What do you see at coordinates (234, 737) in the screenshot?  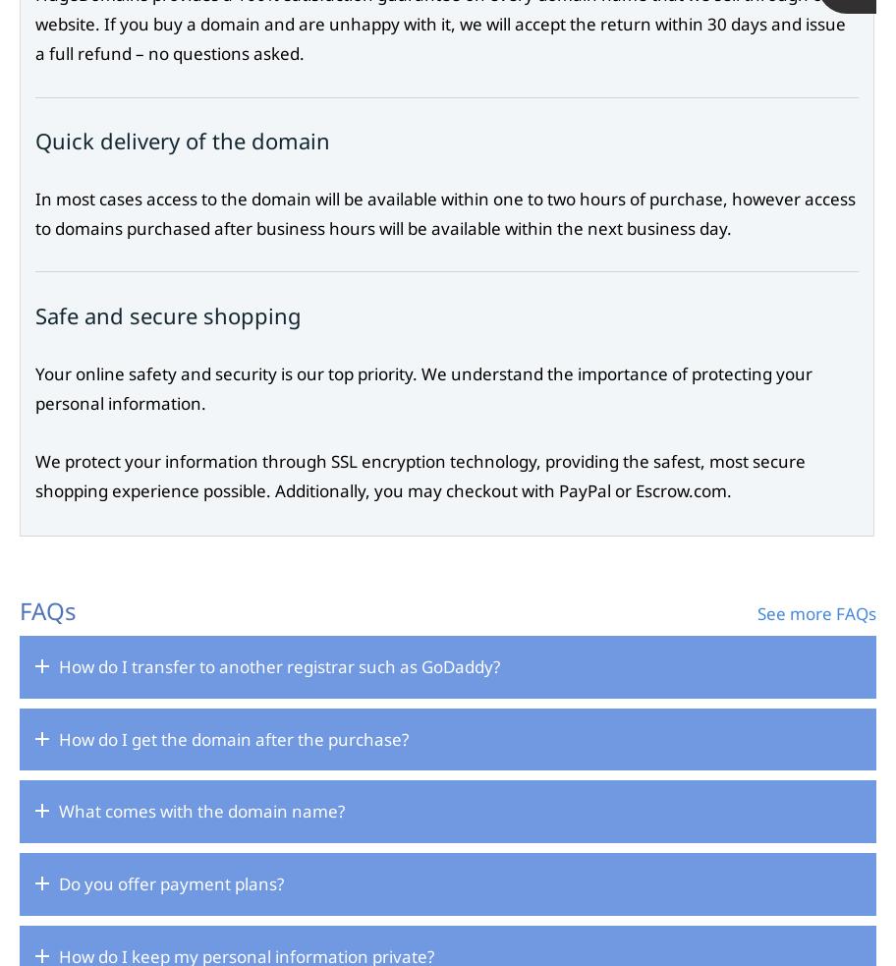 I see `'How do I get the domain after the purchase?'` at bounding box center [234, 737].